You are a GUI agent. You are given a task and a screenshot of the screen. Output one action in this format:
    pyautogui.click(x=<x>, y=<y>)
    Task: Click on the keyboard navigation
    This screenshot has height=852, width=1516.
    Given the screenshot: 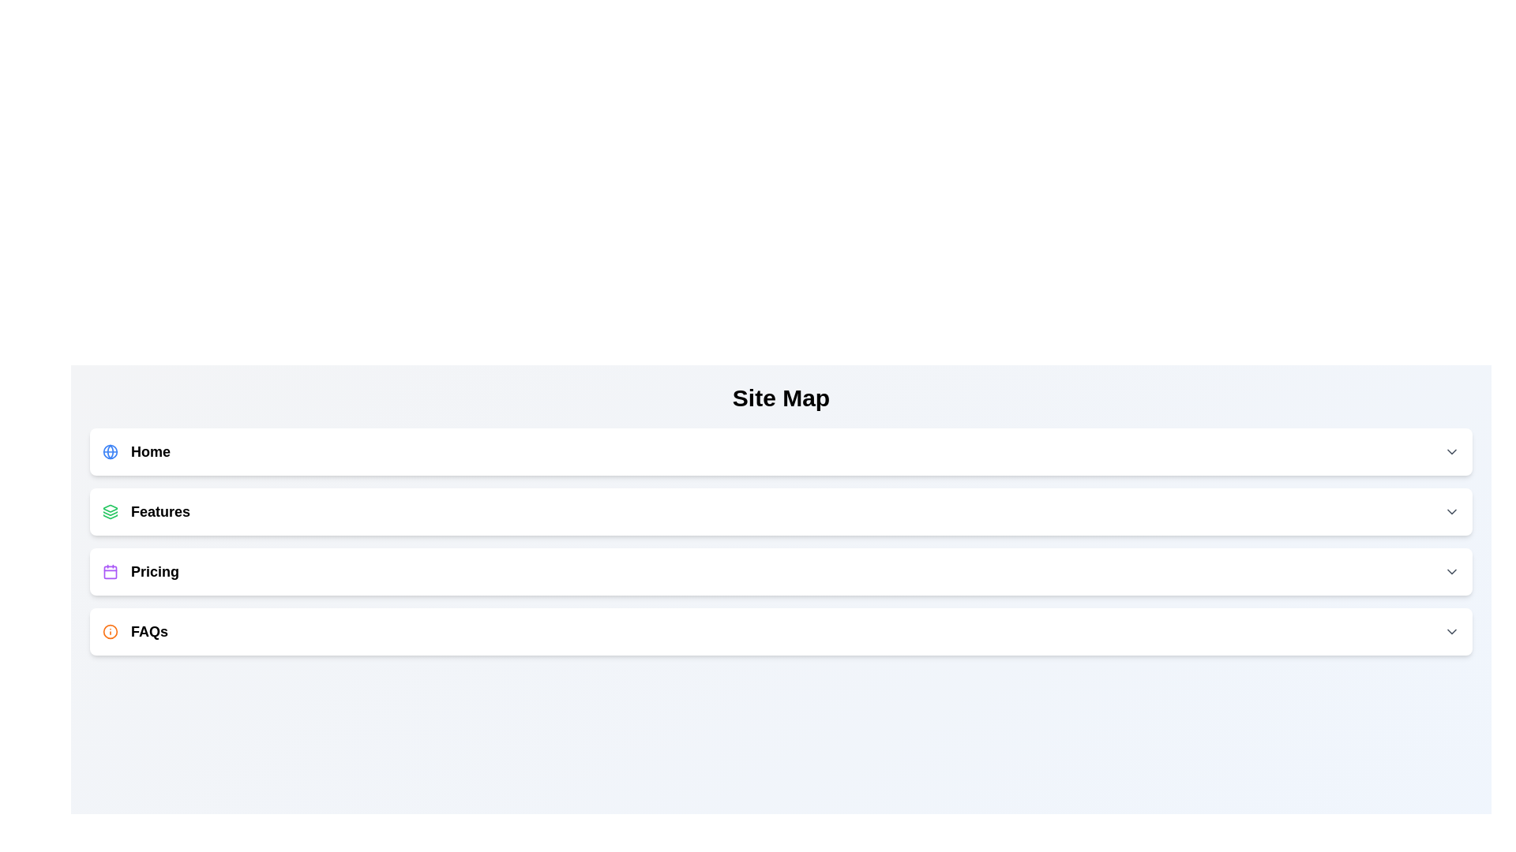 What is the action you would take?
    pyautogui.click(x=781, y=631)
    